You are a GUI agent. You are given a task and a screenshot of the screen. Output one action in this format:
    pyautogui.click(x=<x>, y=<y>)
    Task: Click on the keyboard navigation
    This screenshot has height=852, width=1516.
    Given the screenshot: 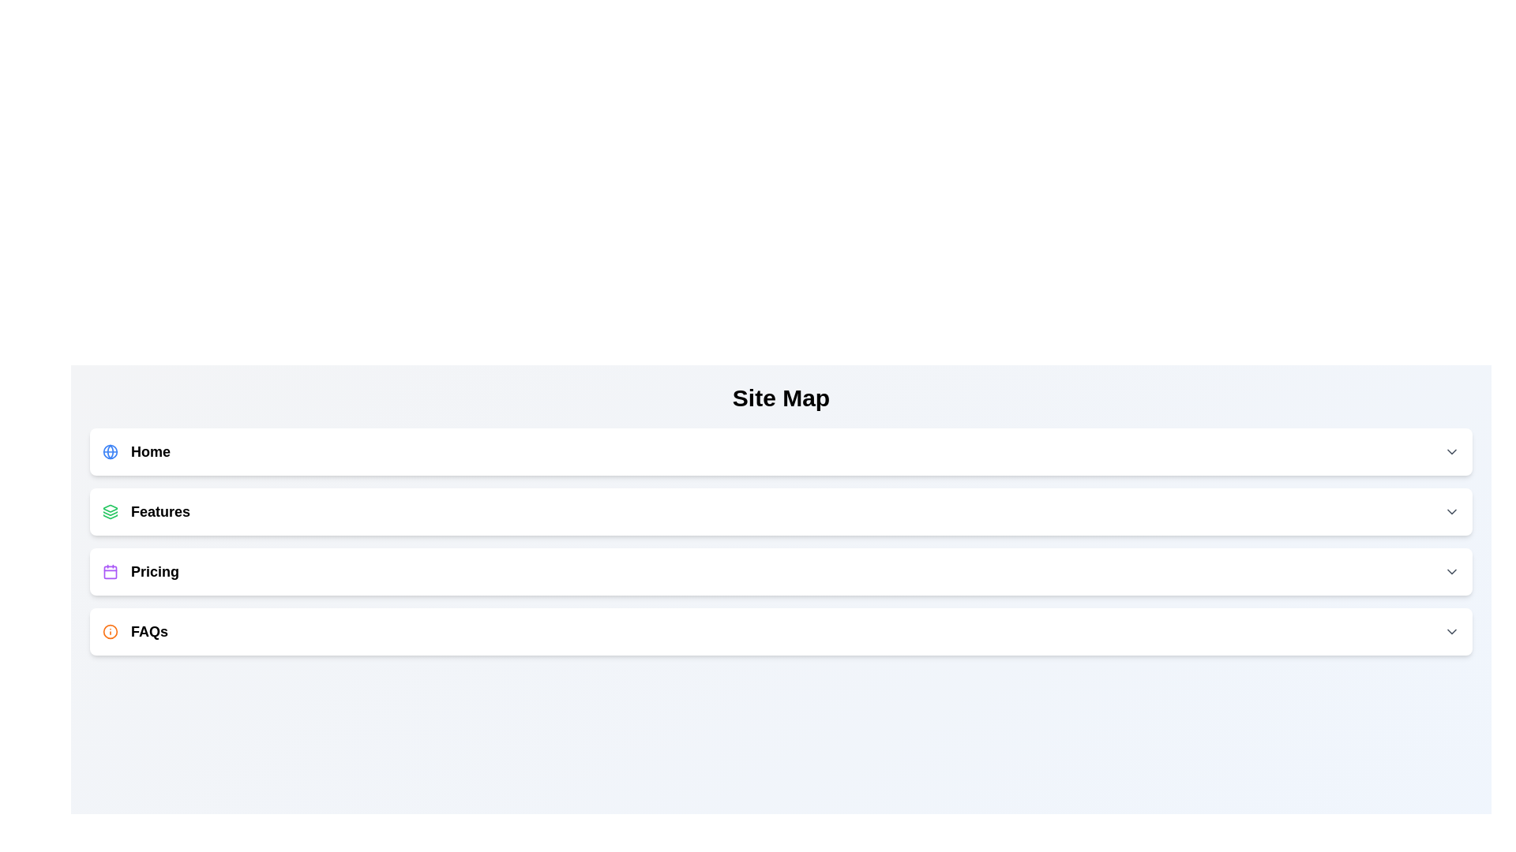 What is the action you would take?
    pyautogui.click(x=781, y=631)
    